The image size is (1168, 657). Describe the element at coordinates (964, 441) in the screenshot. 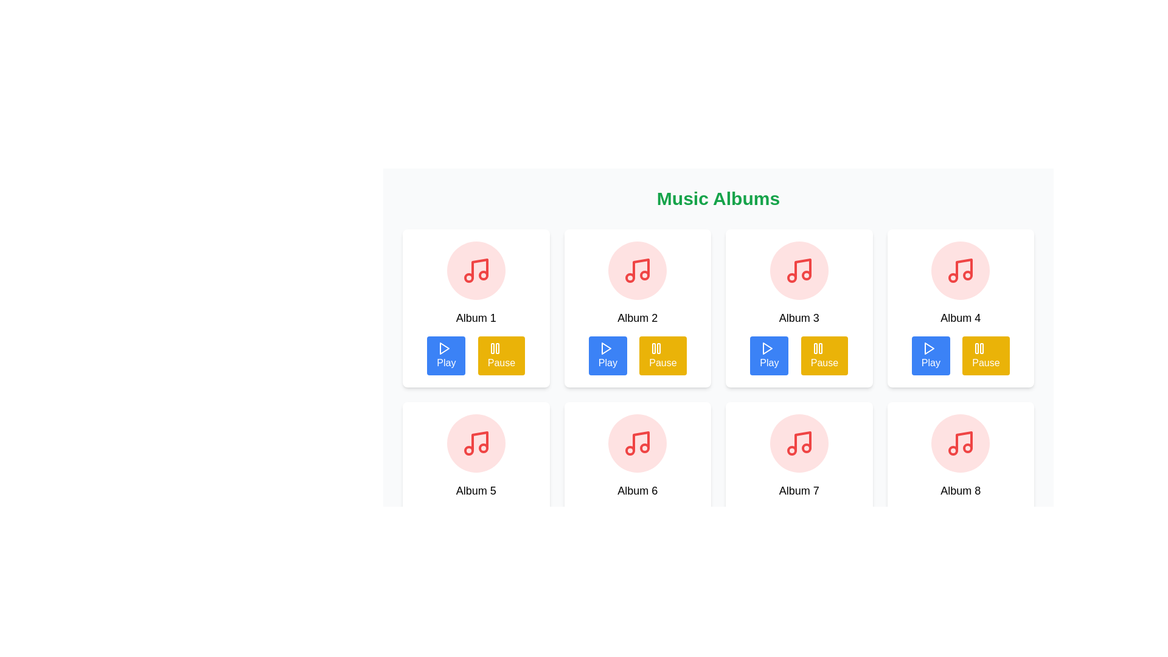

I see `the red musical note icon located in the bottom right corner of the eighth album's card within the grid of albums` at that location.